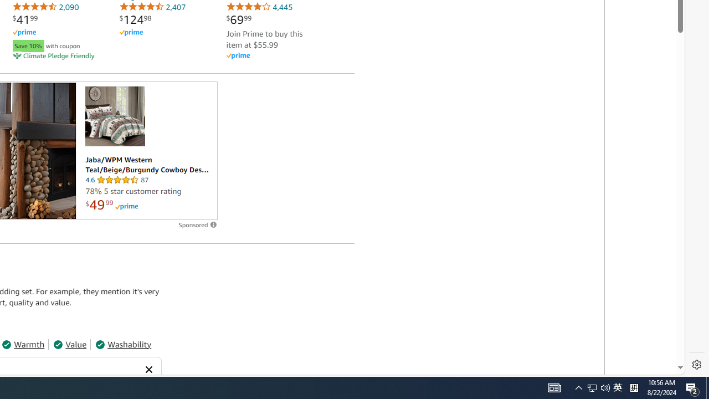 Image resolution: width=709 pixels, height=399 pixels. What do you see at coordinates (238, 19) in the screenshot?
I see `'$69.99'` at bounding box center [238, 19].